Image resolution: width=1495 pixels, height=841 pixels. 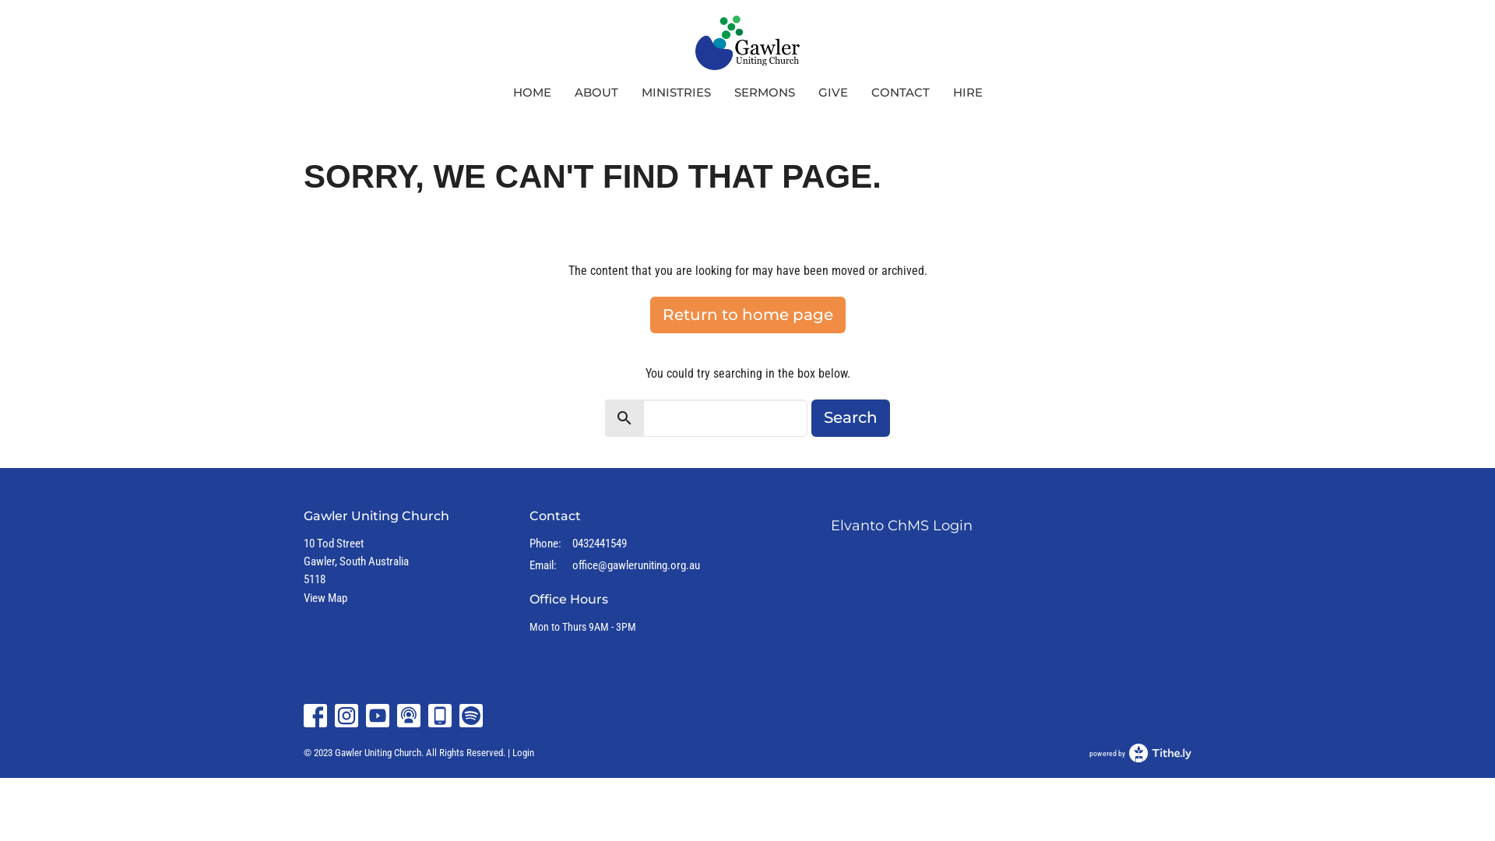 I want to click on 'Search', so click(x=850, y=417).